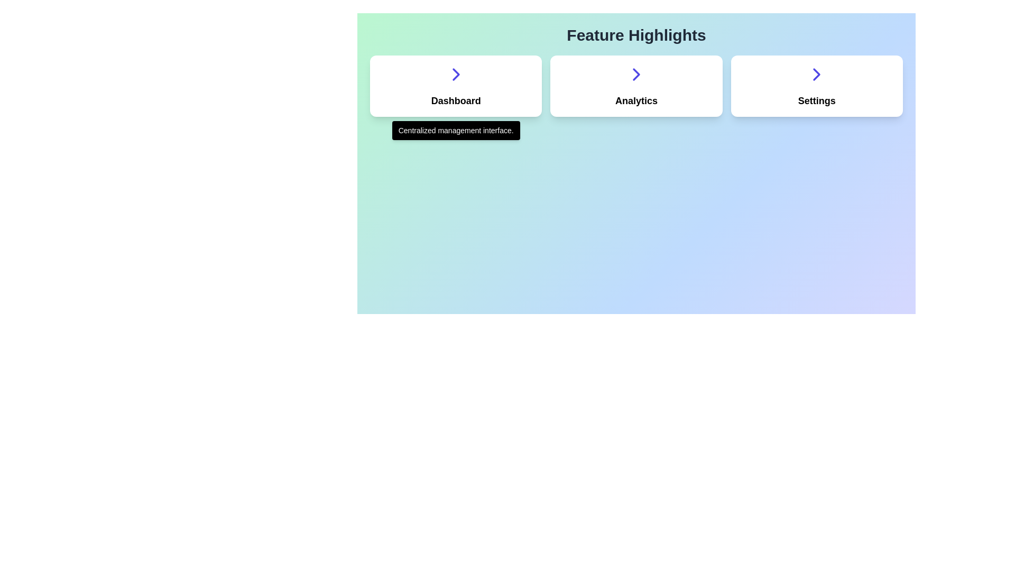 Image resolution: width=1015 pixels, height=571 pixels. Describe the element at coordinates (456, 130) in the screenshot. I see `the tooltip providing additional information about the 'Dashboard' card, which is located directly below the card in the 'Feature Highlights' section` at that location.